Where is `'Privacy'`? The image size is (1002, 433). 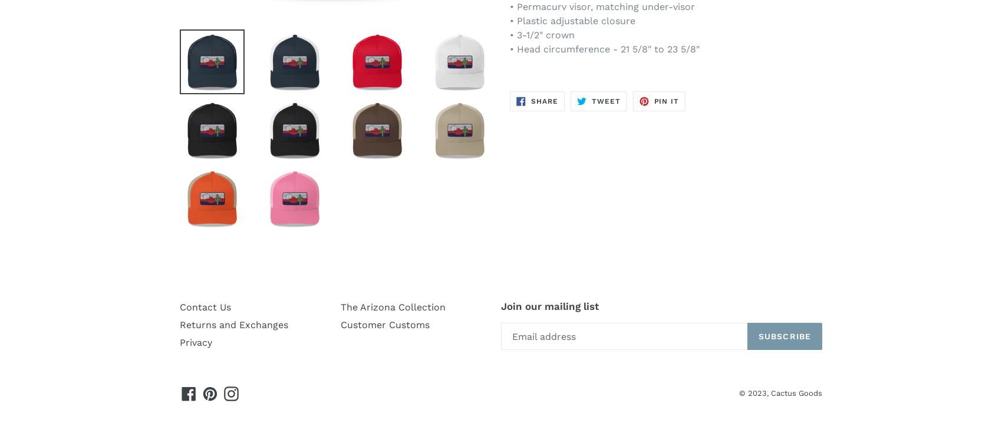
'Privacy' is located at coordinates (195, 342).